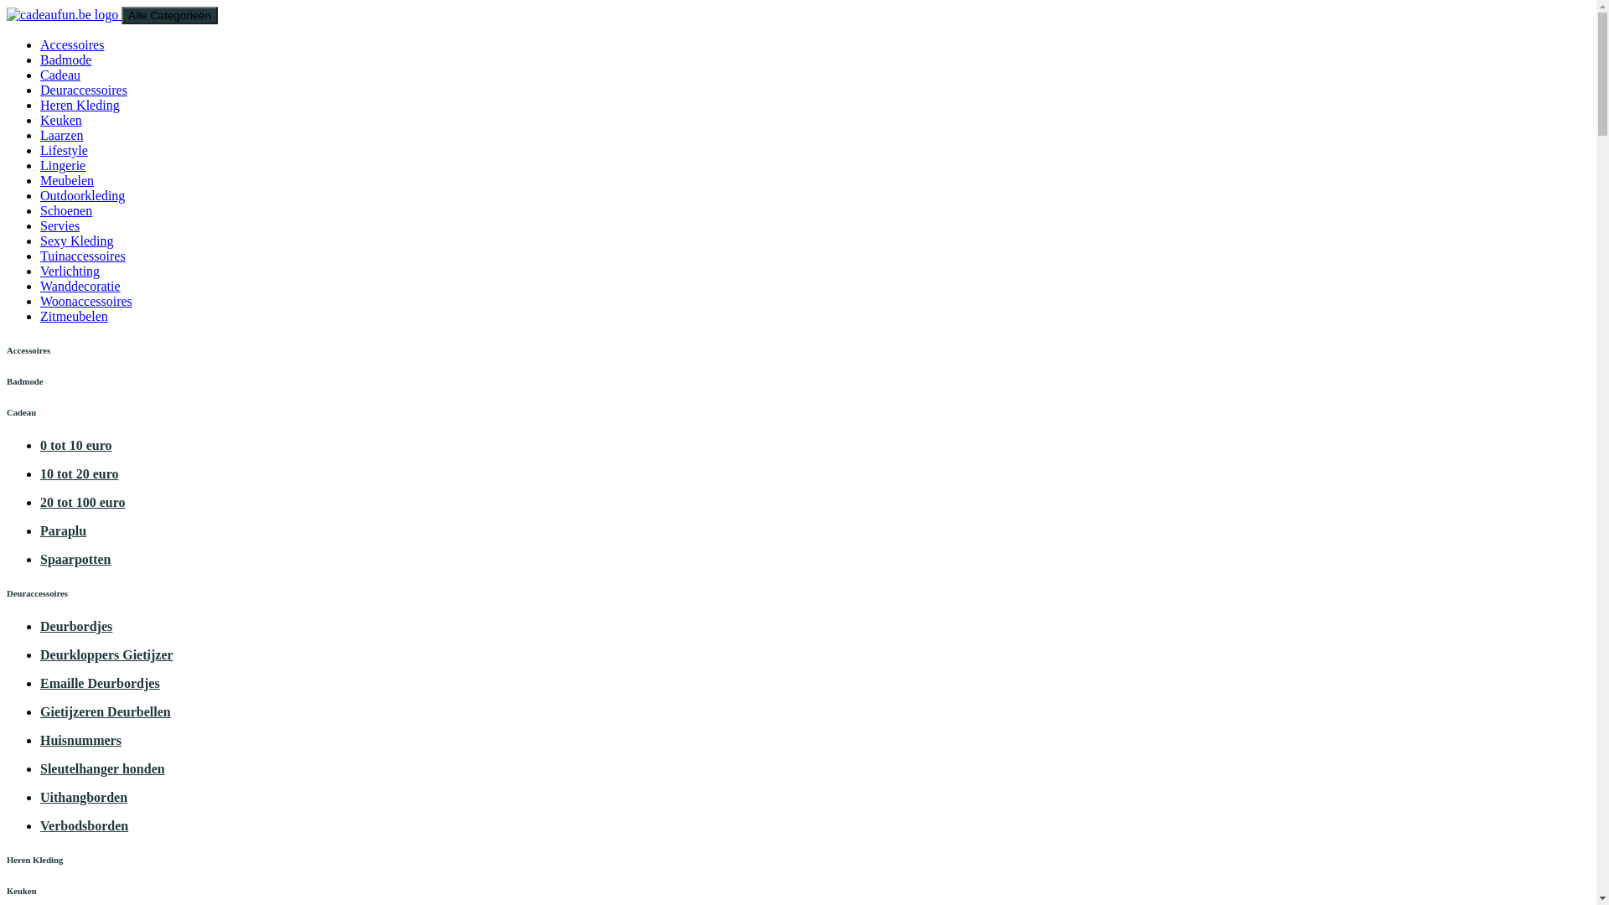 The image size is (1609, 905). Describe the element at coordinates (104, 711) in the screenshot. I see `'Gietijzeren Deurbellen'` at that location.